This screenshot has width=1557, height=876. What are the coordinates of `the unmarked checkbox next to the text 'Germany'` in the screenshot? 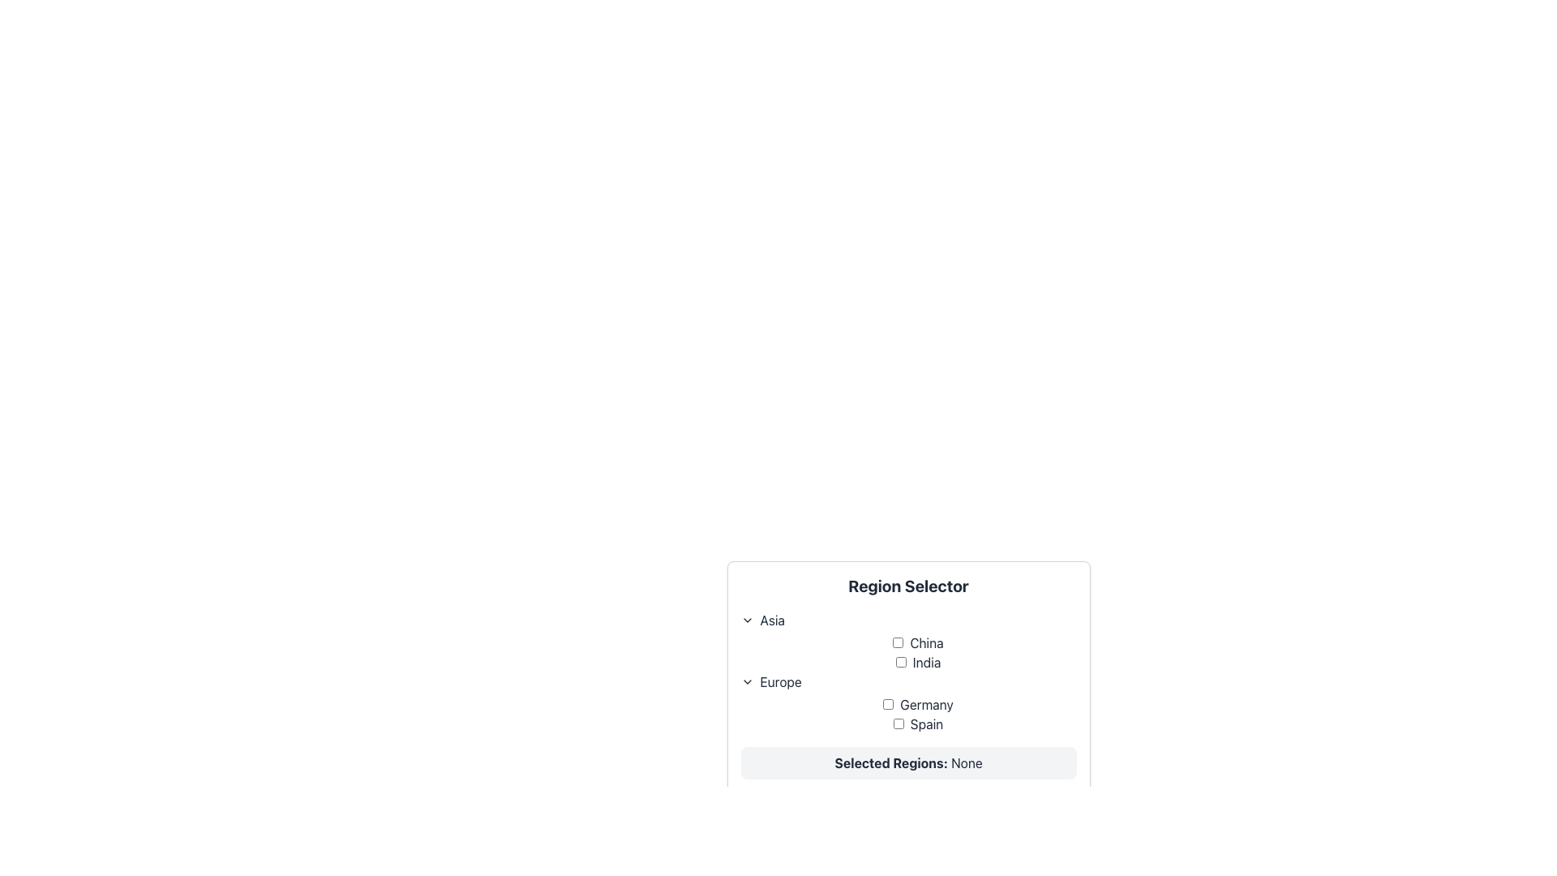 It's located at (918, 703).